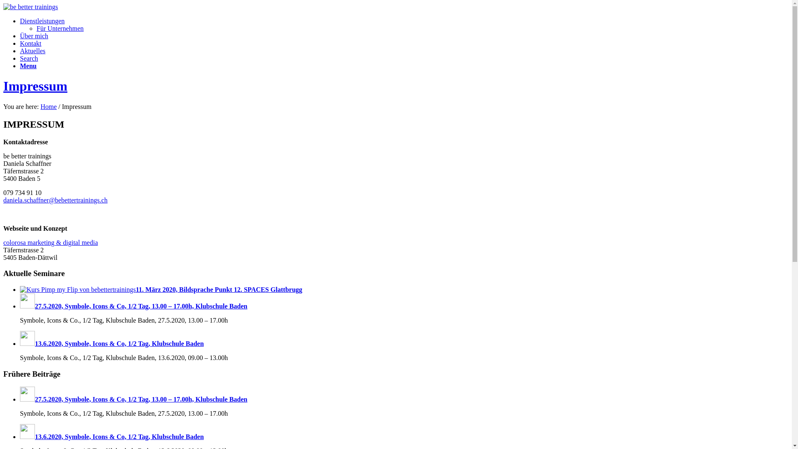 This screenshot has width=798, height=449. What do you see at coordinates (50, 242) in the screenshot?
I see `'colorosa marketing & digital media'` at bounding box center [50, 242].